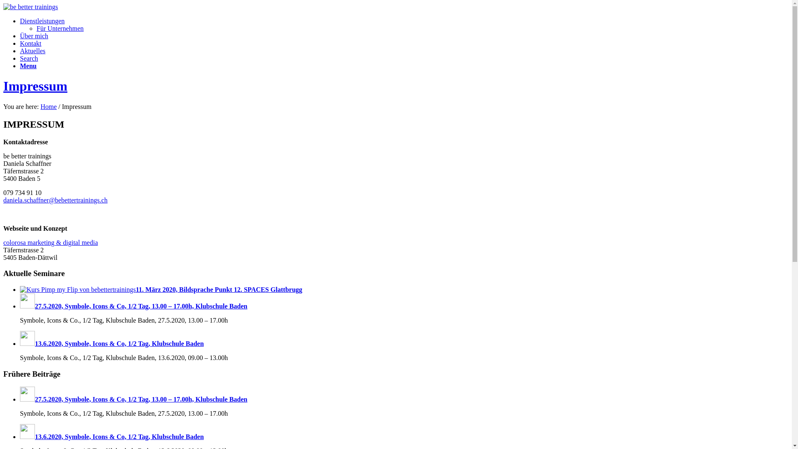 This screenshot has width=798, height=449. What do you see at coordinates (50, 242) in the screenshot?
I see `'colorosa marketing & digital media'` at bounding box center [50, 242].